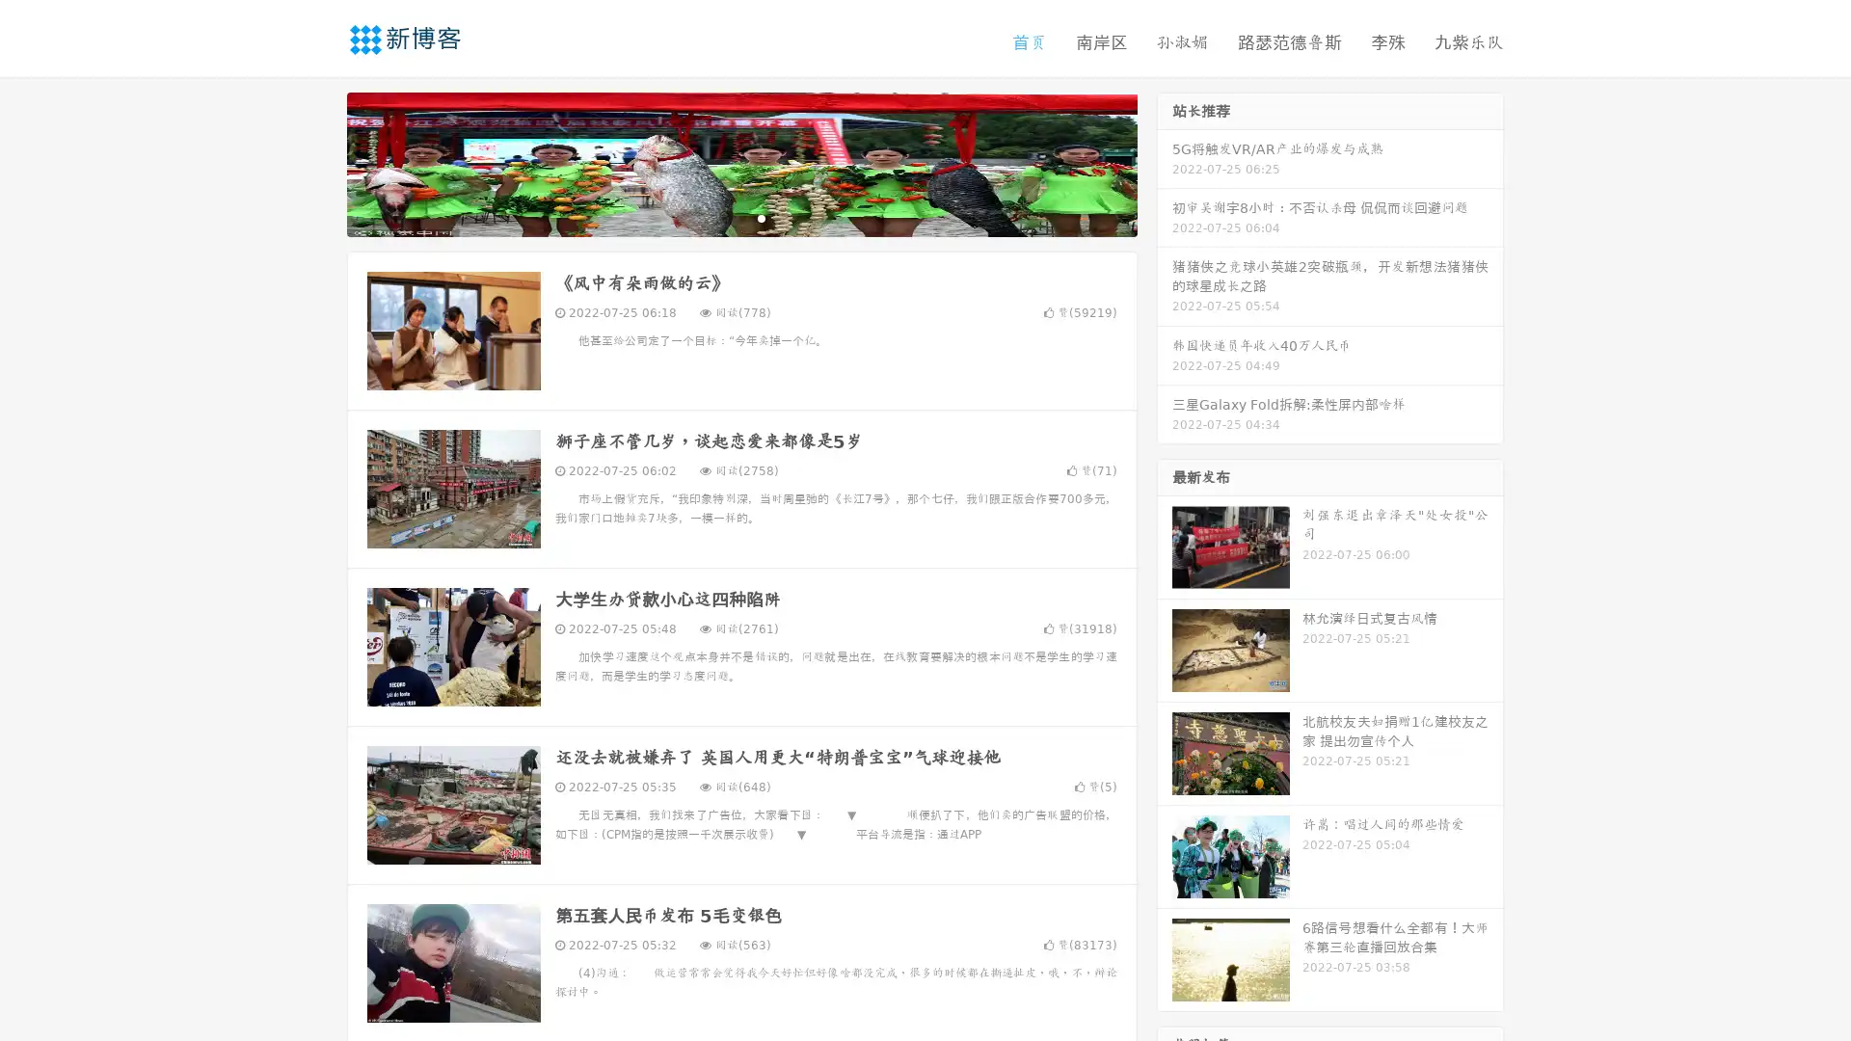  What do you see at coordinates (1165, 162) in the screenshot?
I see `Next slide` at bounding box center [1165, 162].